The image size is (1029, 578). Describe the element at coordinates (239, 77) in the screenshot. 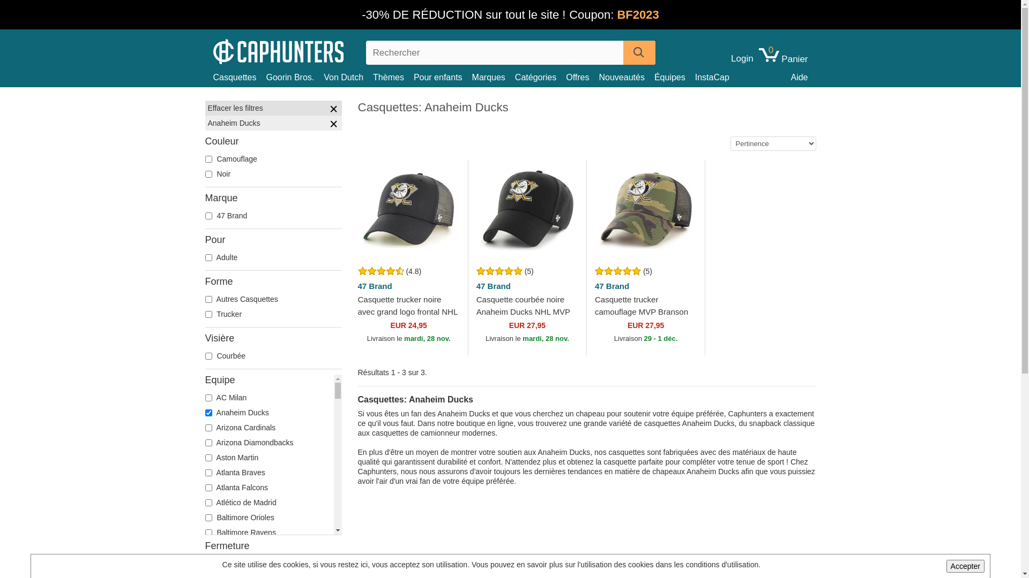

I see `'Casquettes'` at that location.